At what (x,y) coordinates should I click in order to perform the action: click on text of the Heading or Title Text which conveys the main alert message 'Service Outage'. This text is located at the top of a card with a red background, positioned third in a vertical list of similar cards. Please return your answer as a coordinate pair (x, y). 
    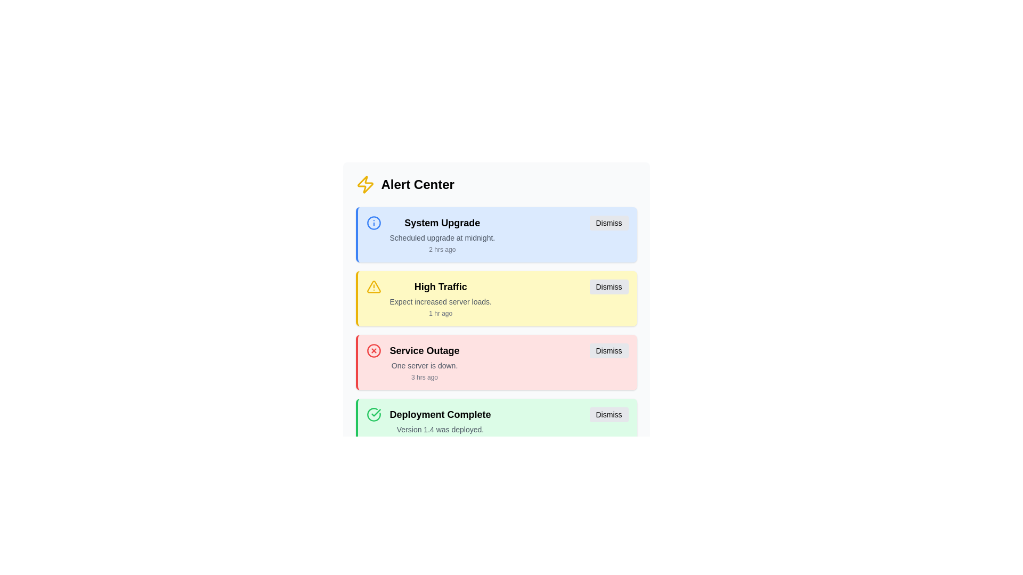
    Looking at the image, I should click on (424, 351).